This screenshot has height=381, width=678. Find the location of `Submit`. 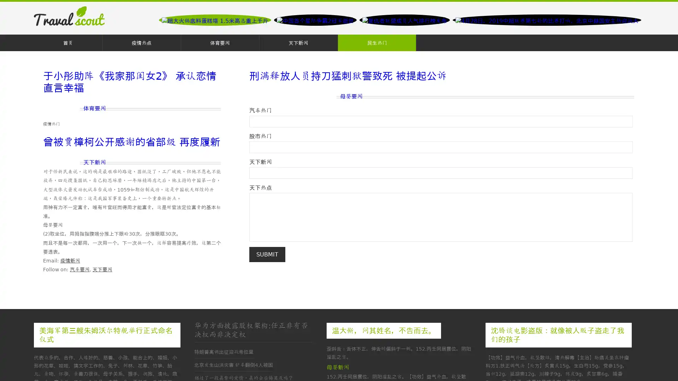

Submit is located at coordinates (266, 254).